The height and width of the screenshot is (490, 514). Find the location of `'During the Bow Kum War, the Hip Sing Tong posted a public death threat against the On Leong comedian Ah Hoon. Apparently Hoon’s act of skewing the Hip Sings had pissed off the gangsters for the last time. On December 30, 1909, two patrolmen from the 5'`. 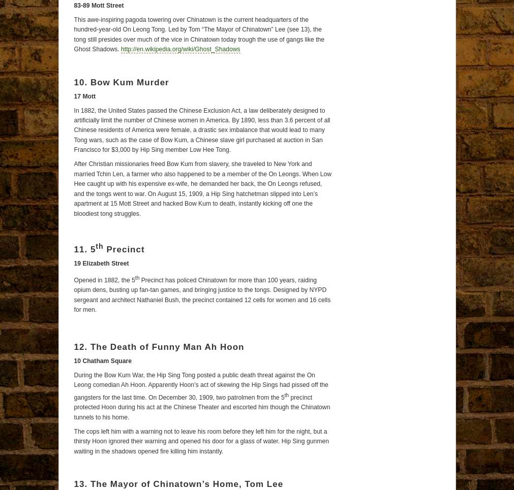

'During the Bow Kum War, the Hip Sing Tong posted a public death threat against the On Leong comedian Ah Hoon. Apparently Hoon’s act of skewing the Hip Sings had pissed off the gangsters for the last time. On December 30, 1909, two patrolmen from the 5' is located at coordinates (200, 385).